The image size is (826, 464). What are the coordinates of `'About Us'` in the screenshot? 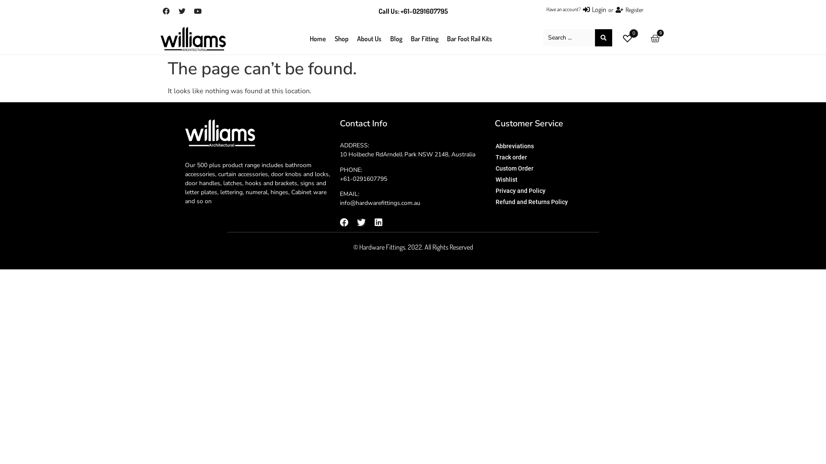 It's located at (369, 37).